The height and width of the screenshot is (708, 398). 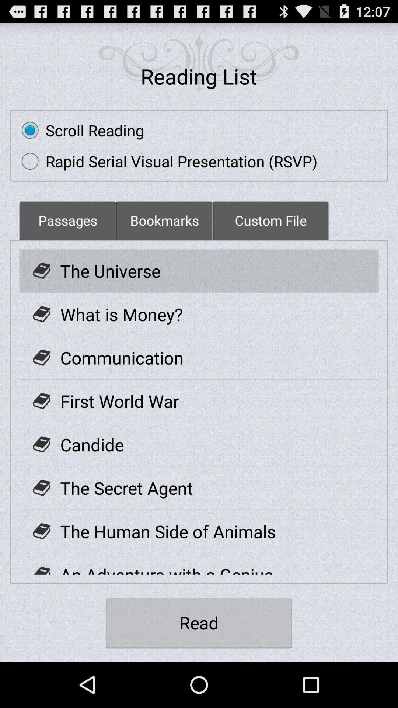 What do you see at coordinates (126, 488) in the screenshot?
I see `the item below candide item` at bounding box center [126, 488].